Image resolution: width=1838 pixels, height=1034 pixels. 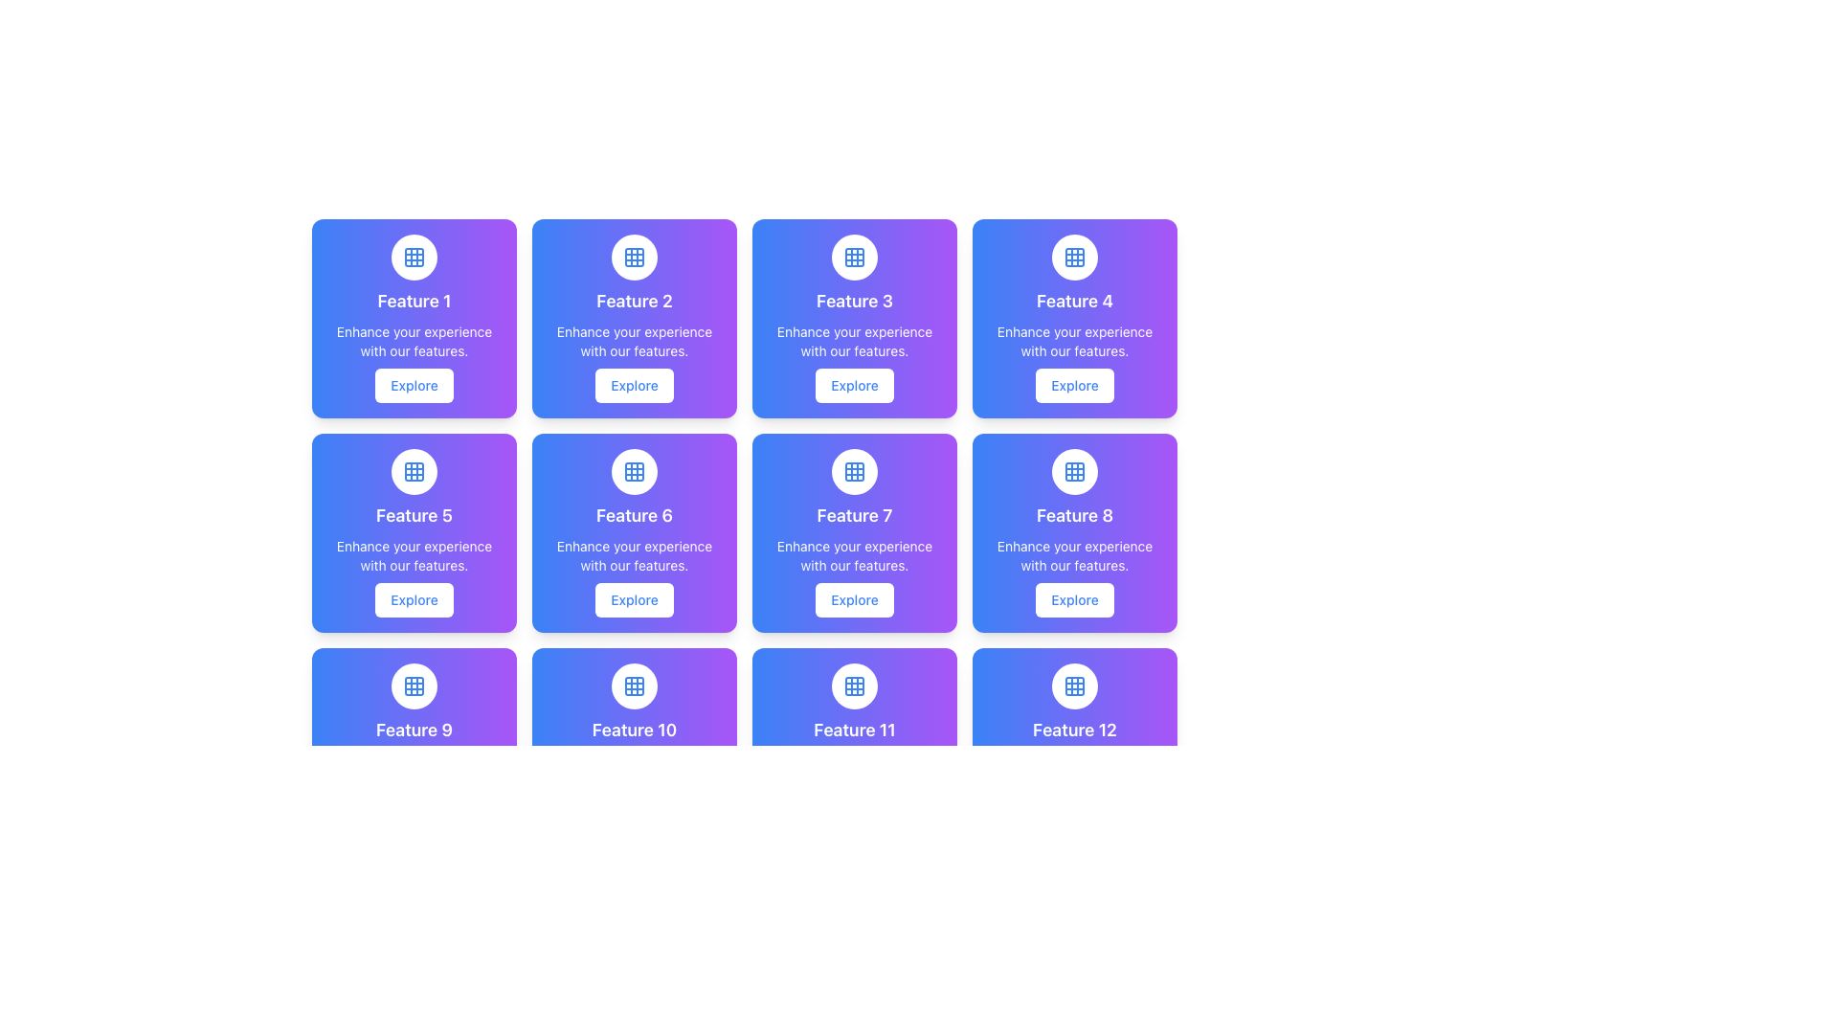 I want to click on the IconButton located in the 'Feature 11' card, positioned centrally above the 'Feature 11' title text, so click(x=853, y=686).